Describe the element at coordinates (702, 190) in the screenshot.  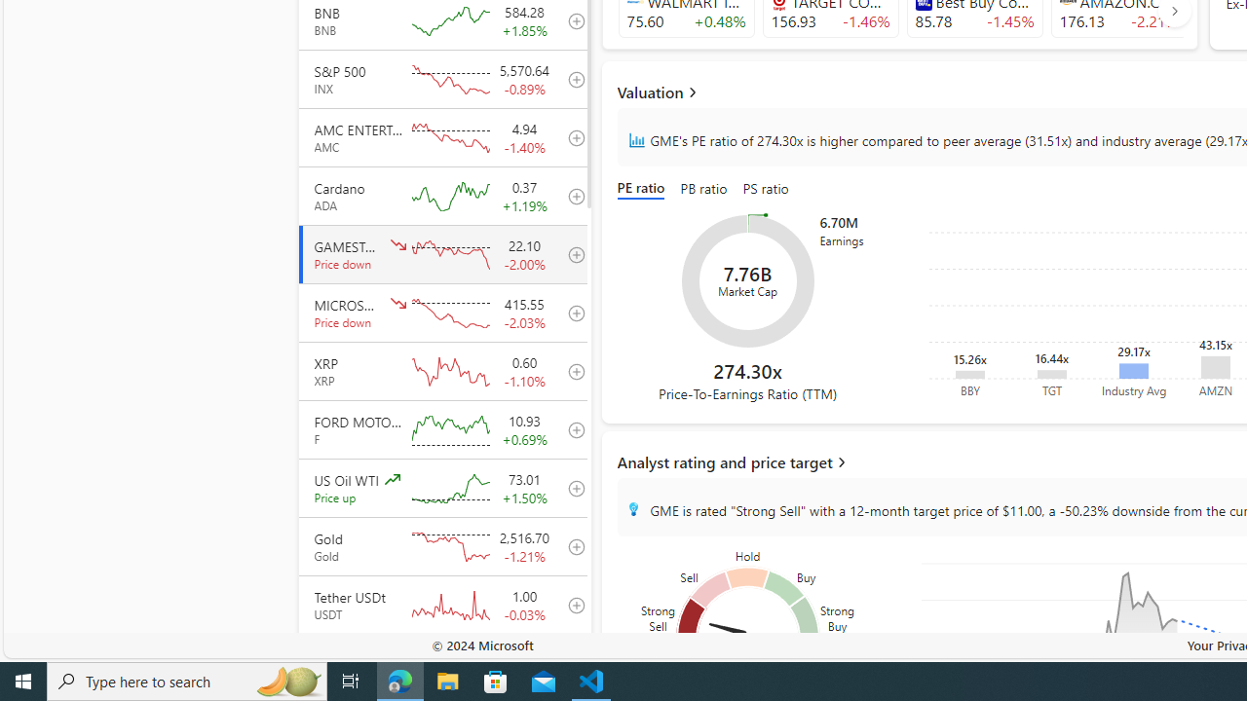
I see `'PB ratio'` at that location.